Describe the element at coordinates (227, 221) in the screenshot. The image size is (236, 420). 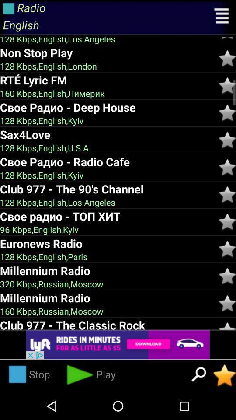
I see `rating` at that location.